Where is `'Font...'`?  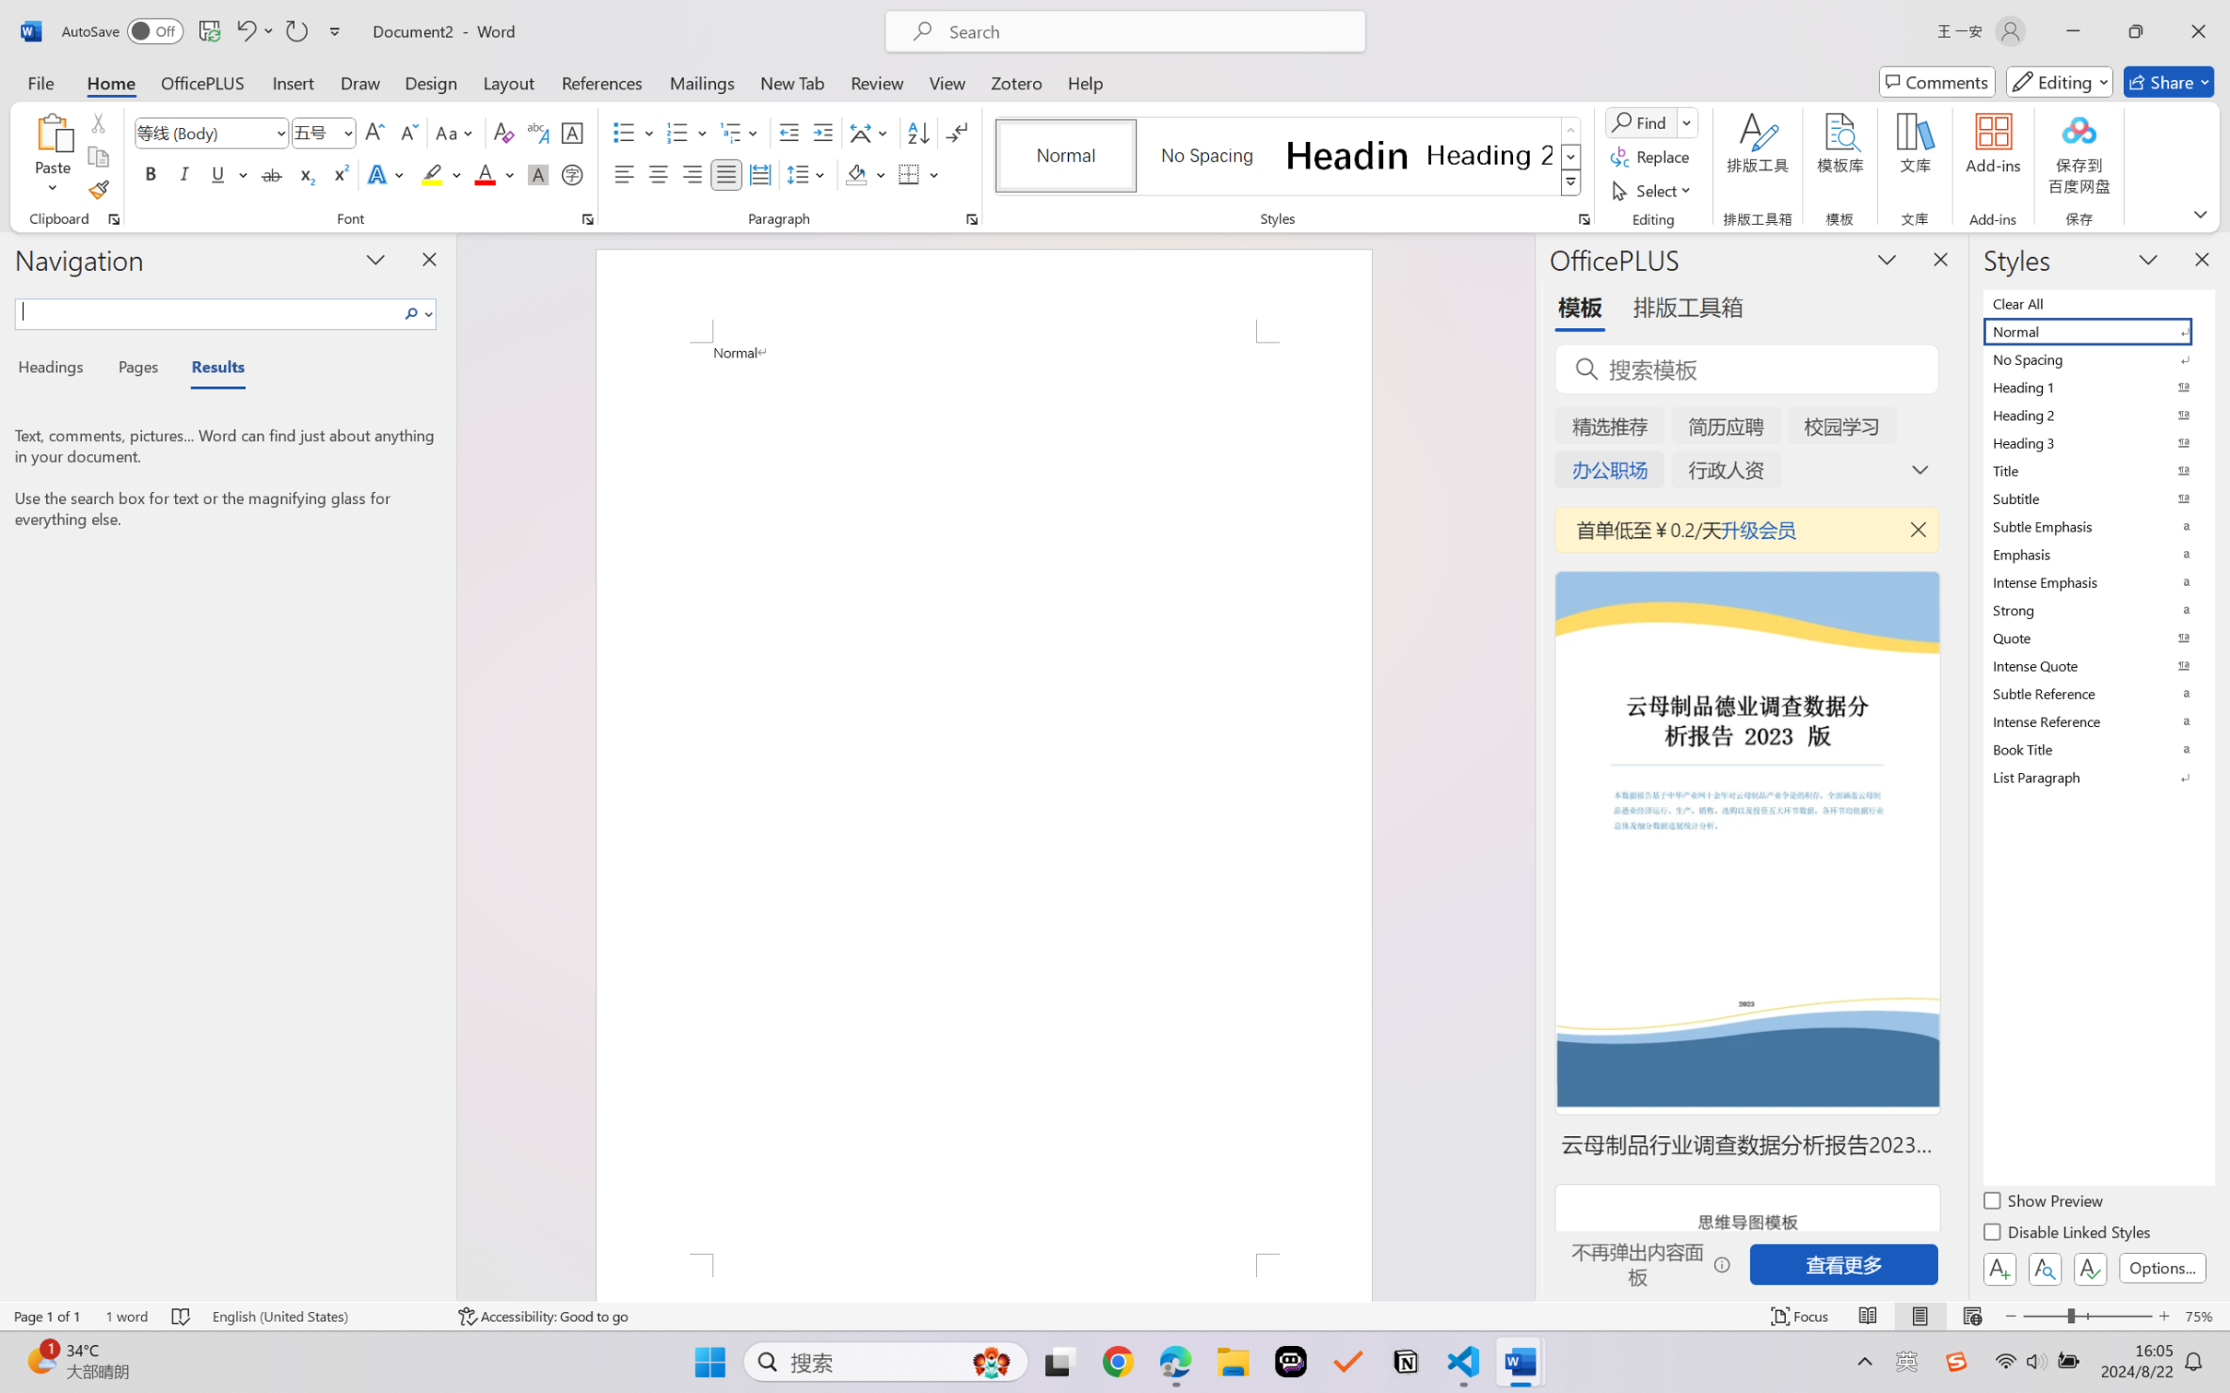 'Font...' is located at coordinates (587, 218).